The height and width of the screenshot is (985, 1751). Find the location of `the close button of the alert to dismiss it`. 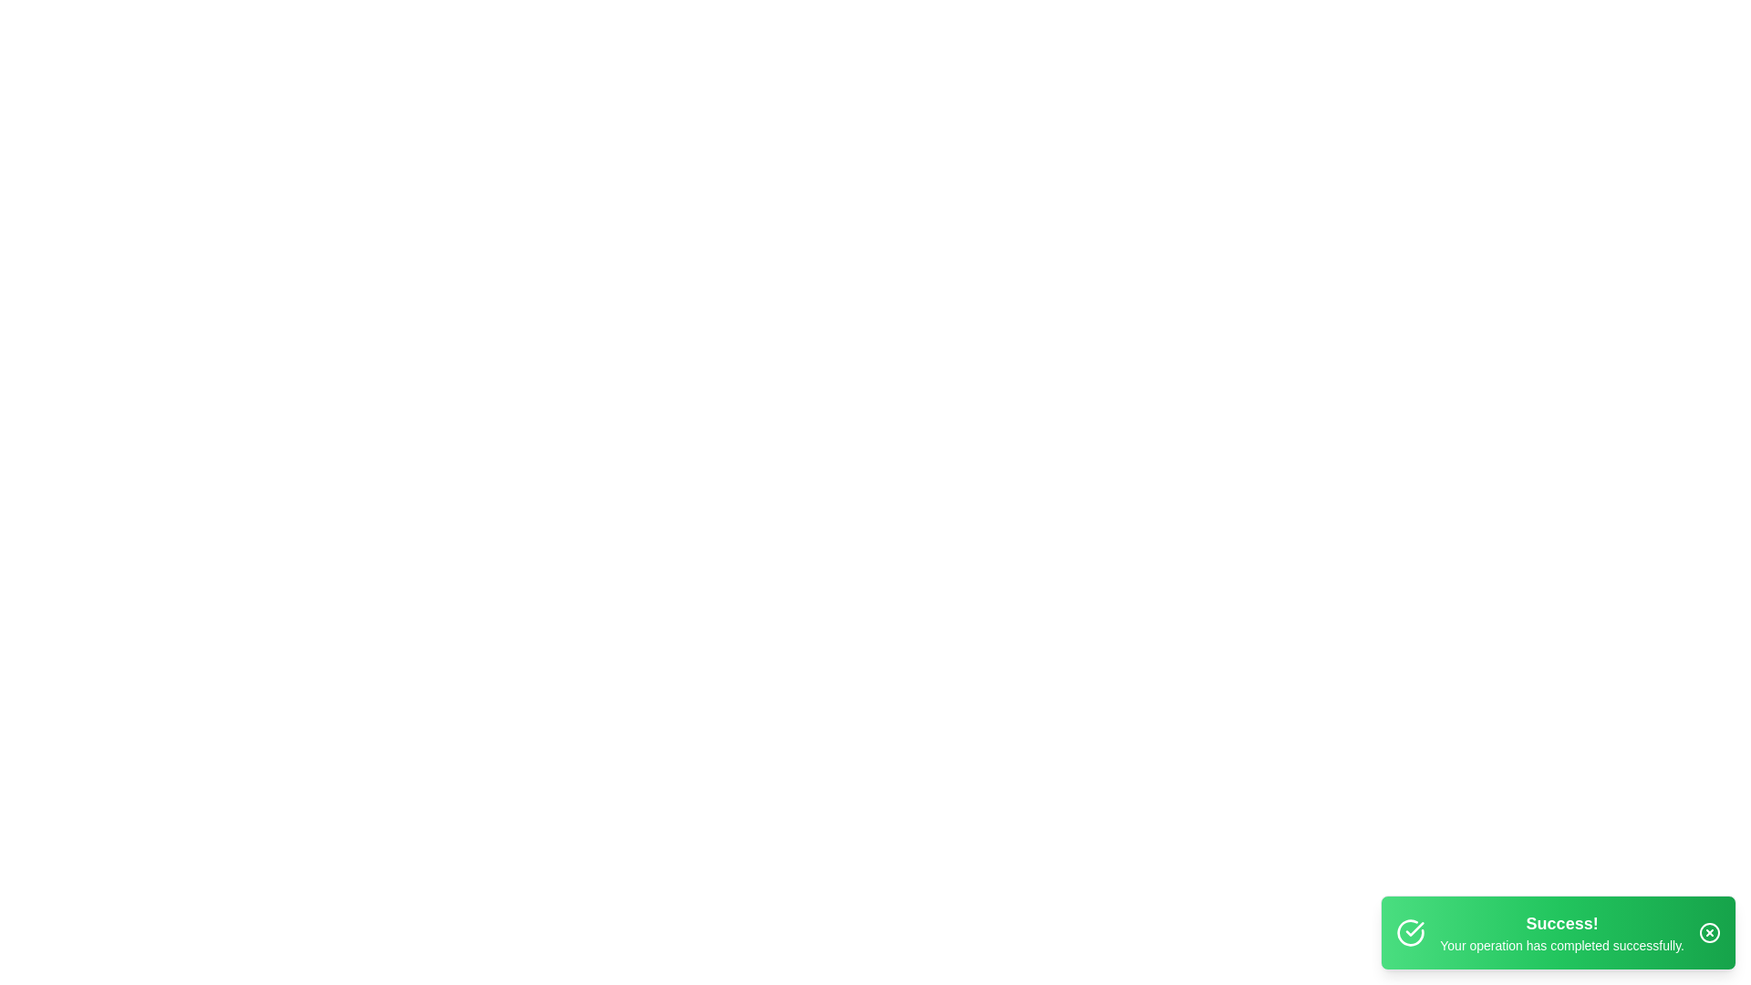

the close button of the alert to dismiss it is located at coordinates (1709, 932).